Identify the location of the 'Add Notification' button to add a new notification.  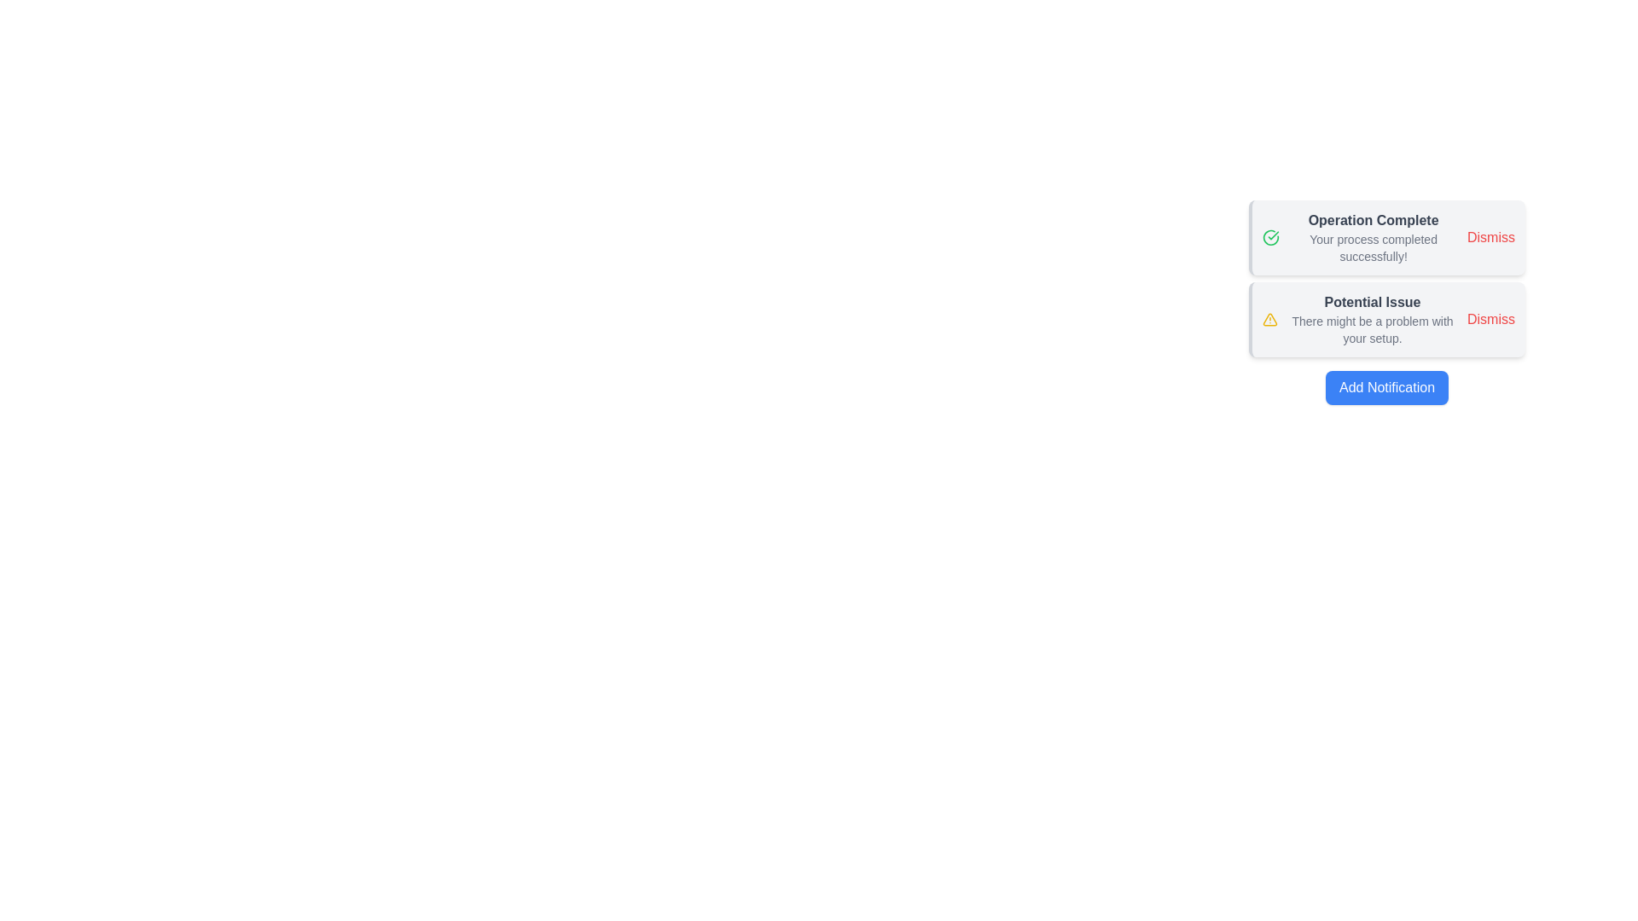
(1387, 388).